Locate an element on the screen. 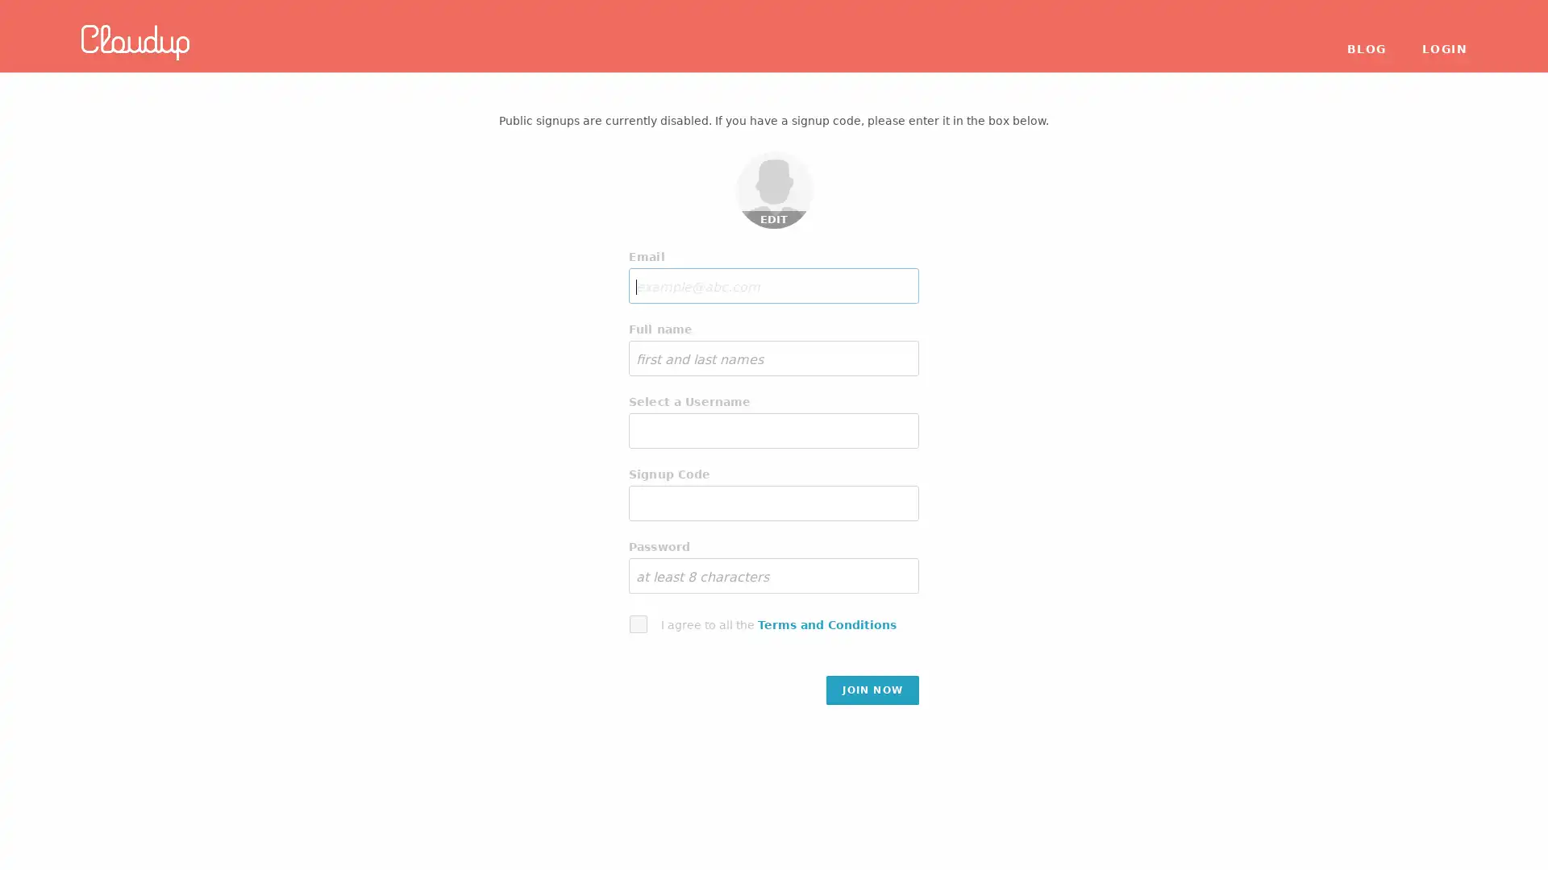 This screenshot has width=1548, height=870. Choose File is located at coordinates (776, 164).